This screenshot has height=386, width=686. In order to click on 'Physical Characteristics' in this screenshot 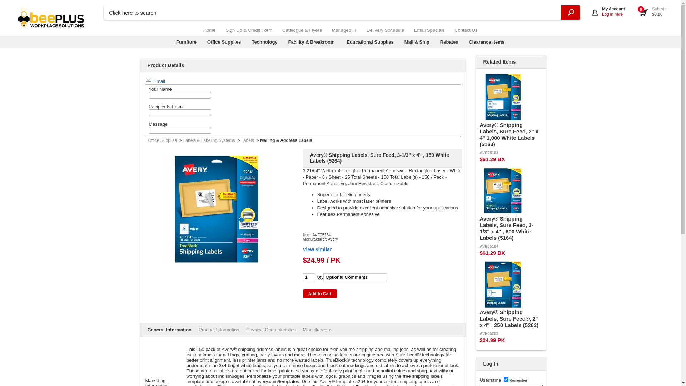, I will do `click(270, 330)`.